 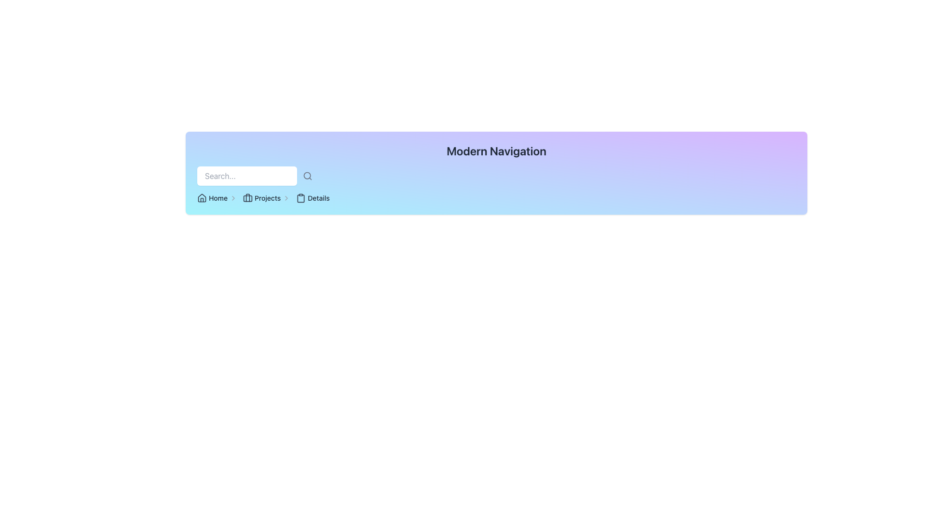 What do you see at coordinates (267, 198) in the screenshot?
I see `the 'Projects' breadcrumb navigation item, which is the second item in the breadcrumb bar` at bounding box center [267, 198].